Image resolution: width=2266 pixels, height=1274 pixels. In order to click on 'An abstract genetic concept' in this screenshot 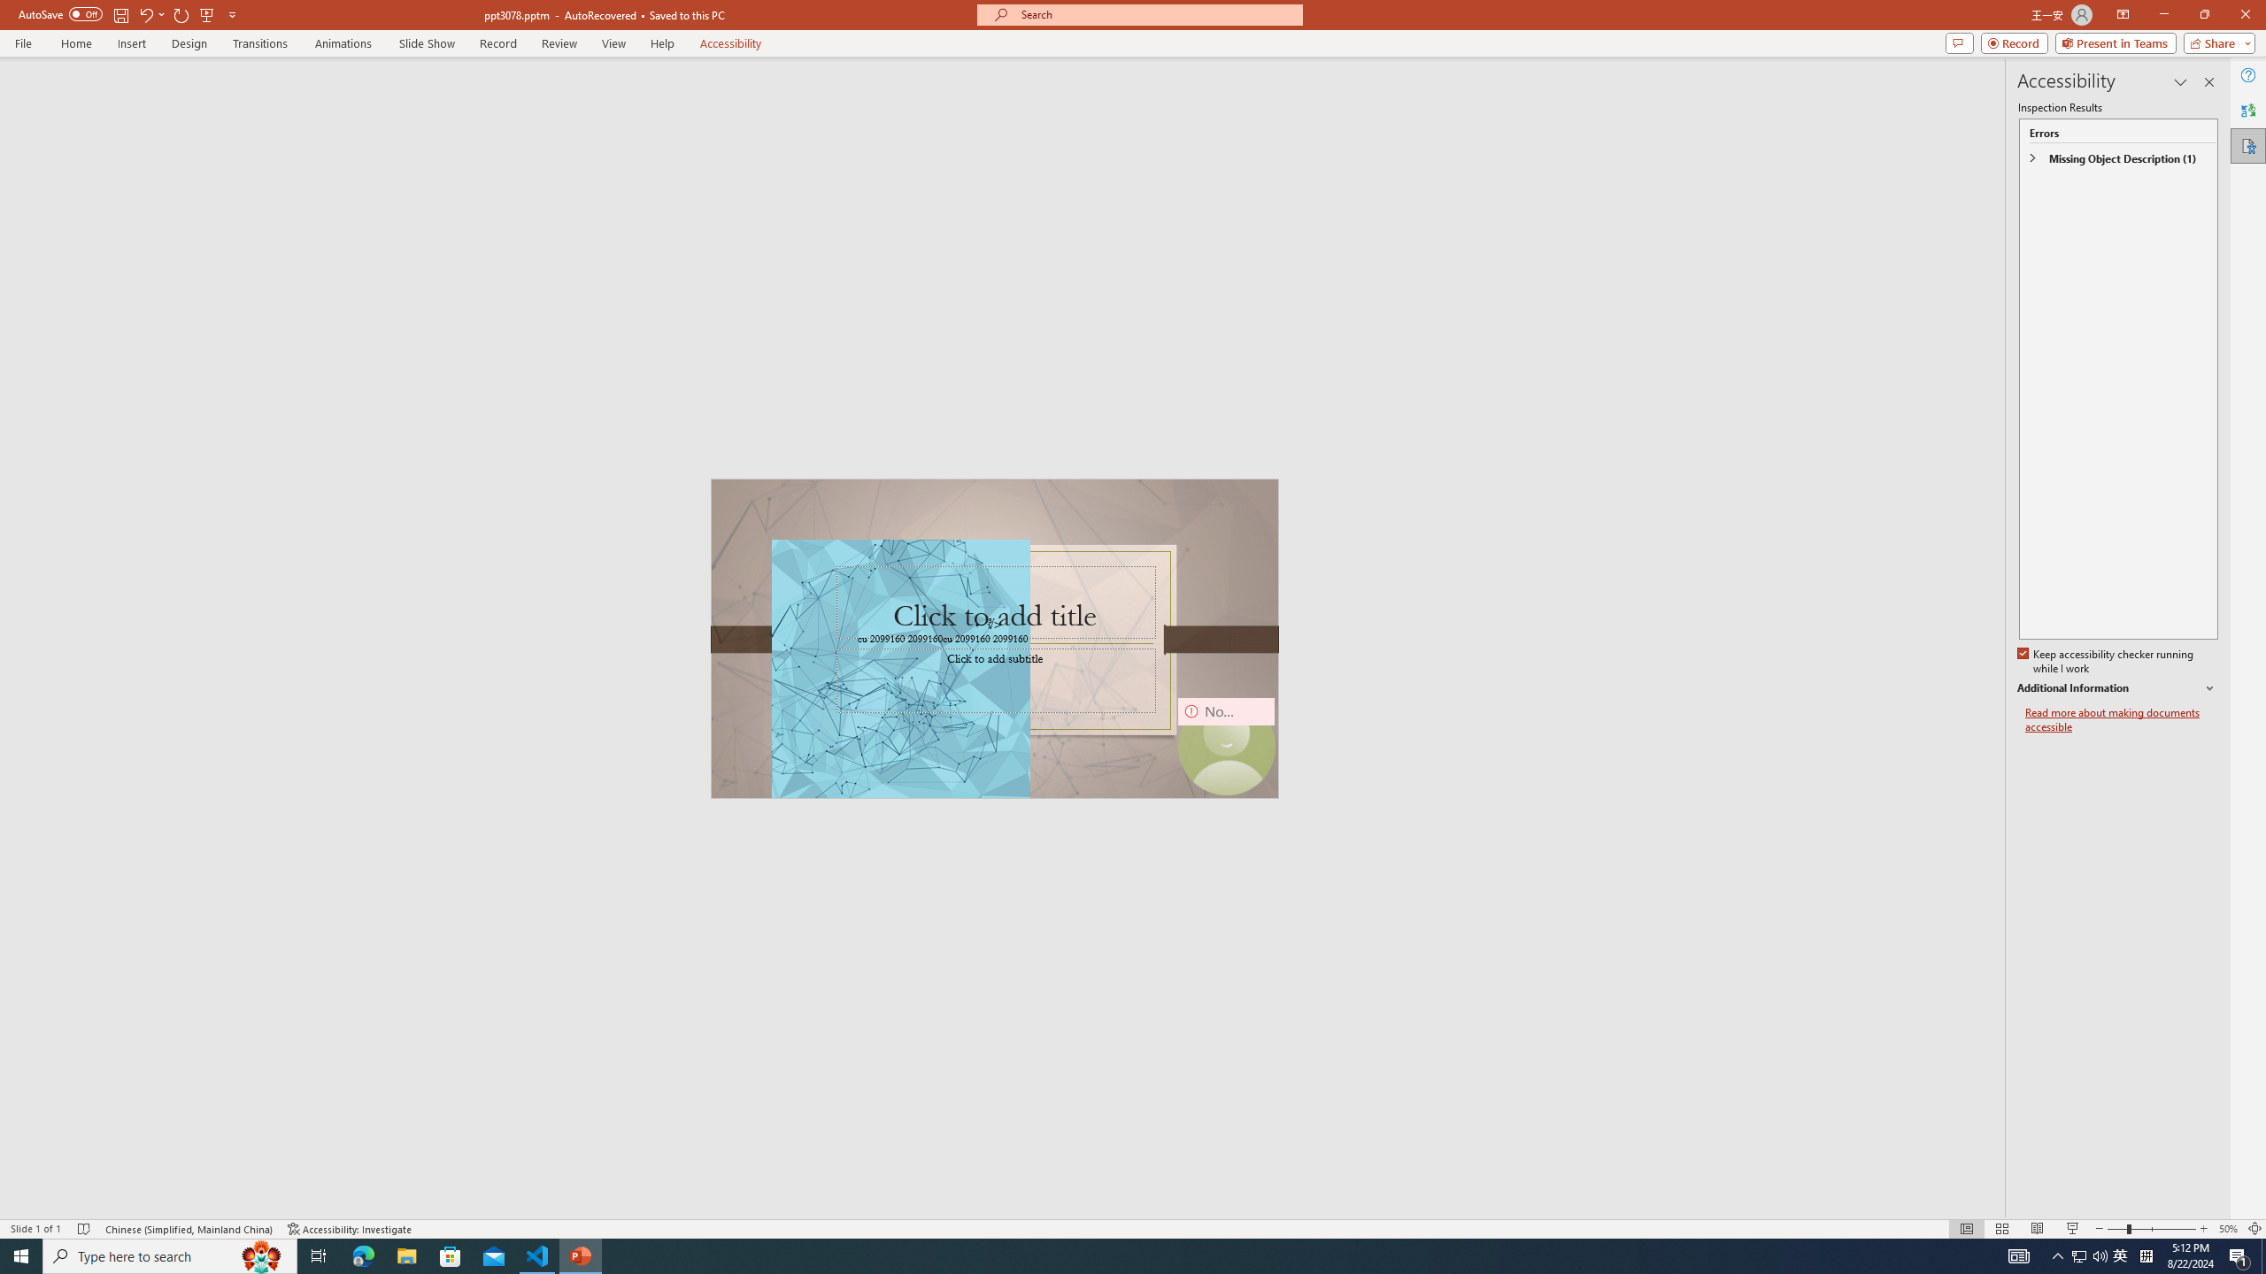, I will do `click(993, 637)`.